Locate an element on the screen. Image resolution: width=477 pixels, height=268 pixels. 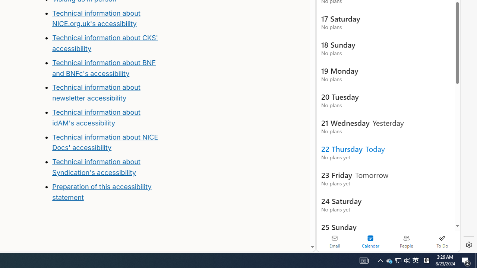
'Selected calendar module. Date today is 22' is located at coordinates (370, 241).